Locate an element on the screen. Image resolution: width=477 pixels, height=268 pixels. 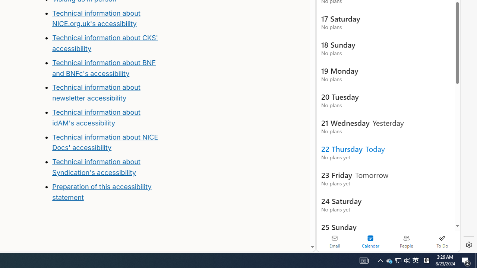
'Selected calendar module. Date today is 22' is located at coordinates (370, 241).